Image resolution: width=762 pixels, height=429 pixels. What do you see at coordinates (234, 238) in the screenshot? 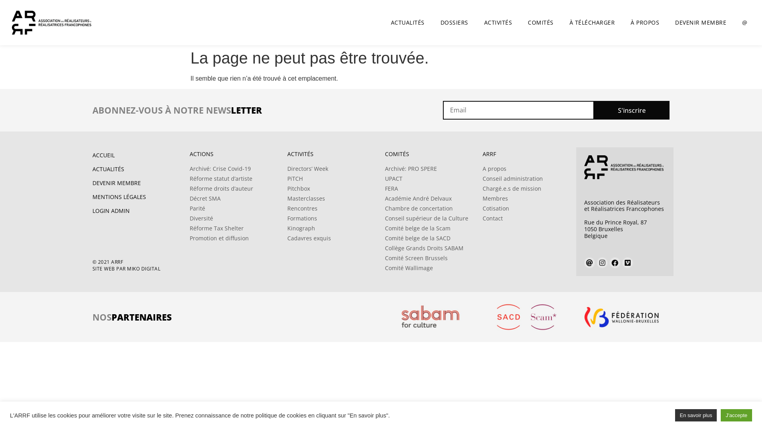
I see `'Promotion et diffusion'` at bounding box center [234, 238].